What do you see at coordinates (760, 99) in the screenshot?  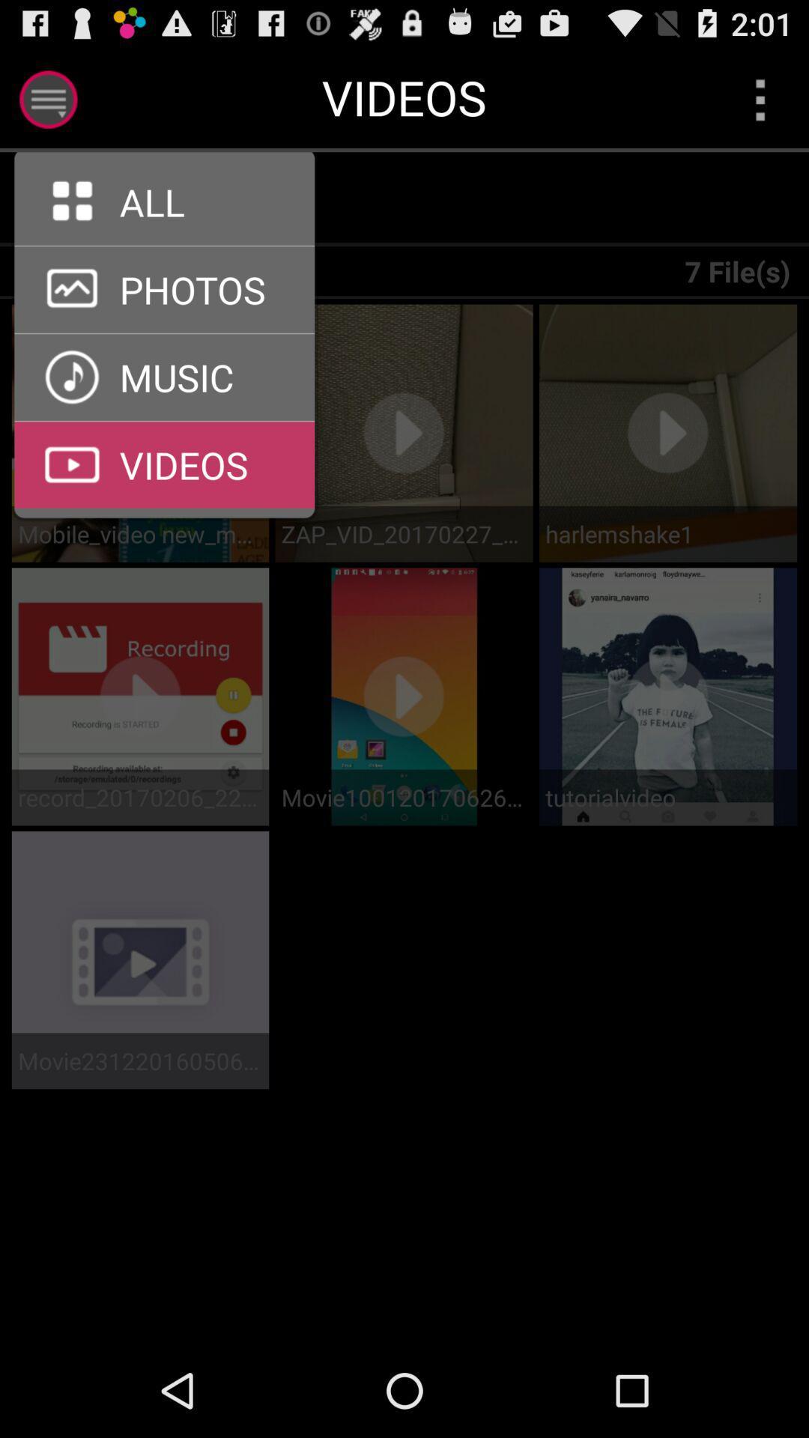 I see `more options` at bounding box center [760, 99].